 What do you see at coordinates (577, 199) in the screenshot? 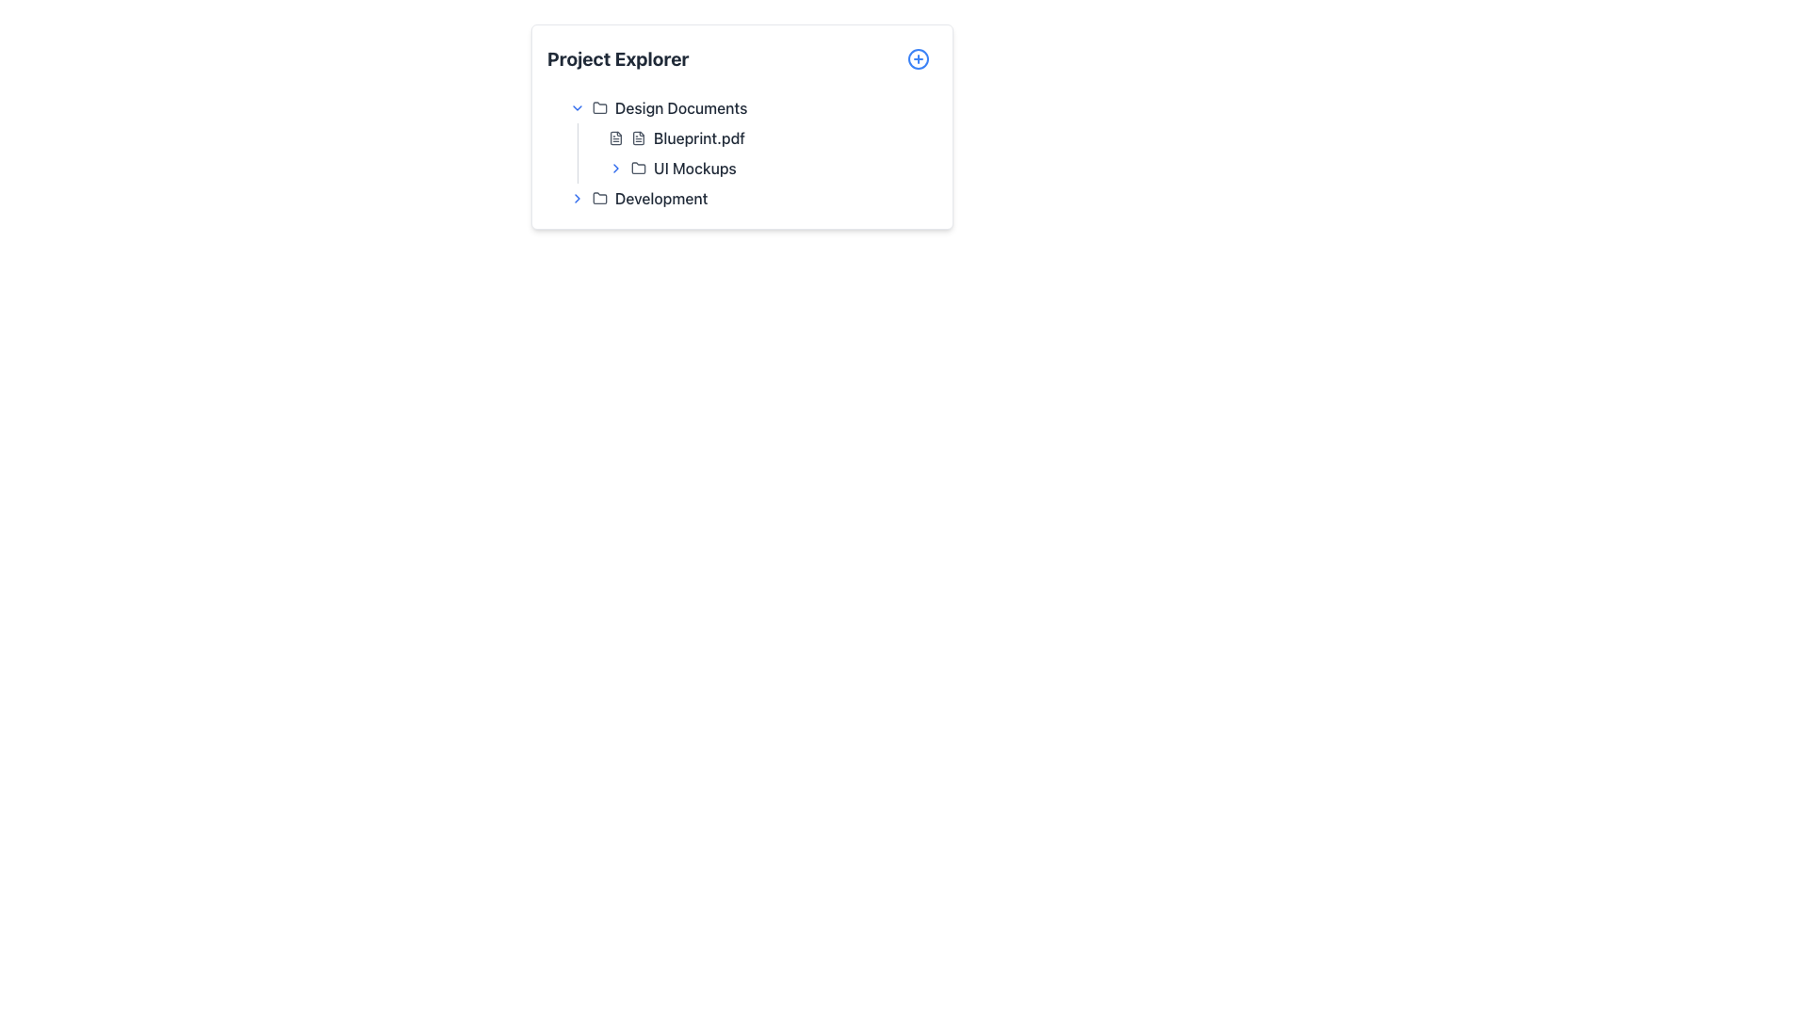
I see `the chevron icon` at bounding box center [577, 199].